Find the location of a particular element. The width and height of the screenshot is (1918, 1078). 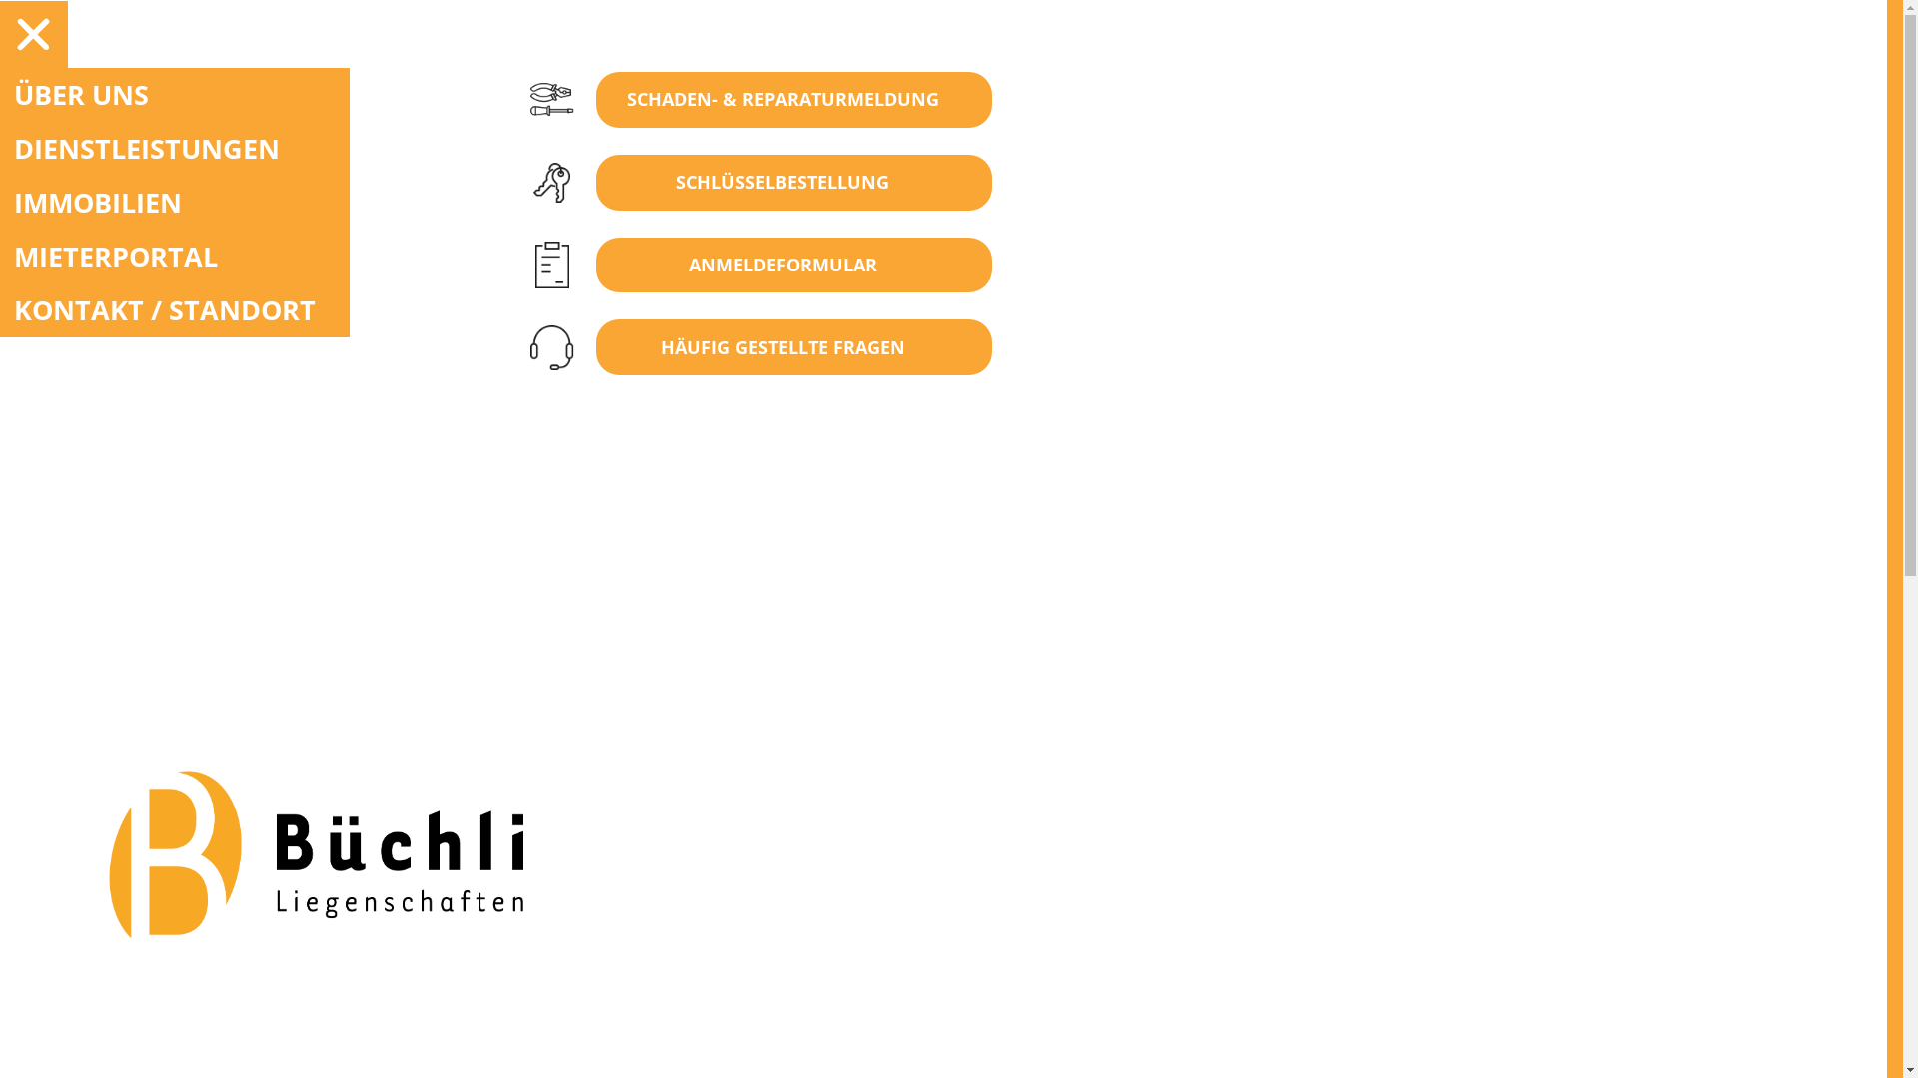

'KONTAKT / STANDORT' is located at coordinates (174, 310).